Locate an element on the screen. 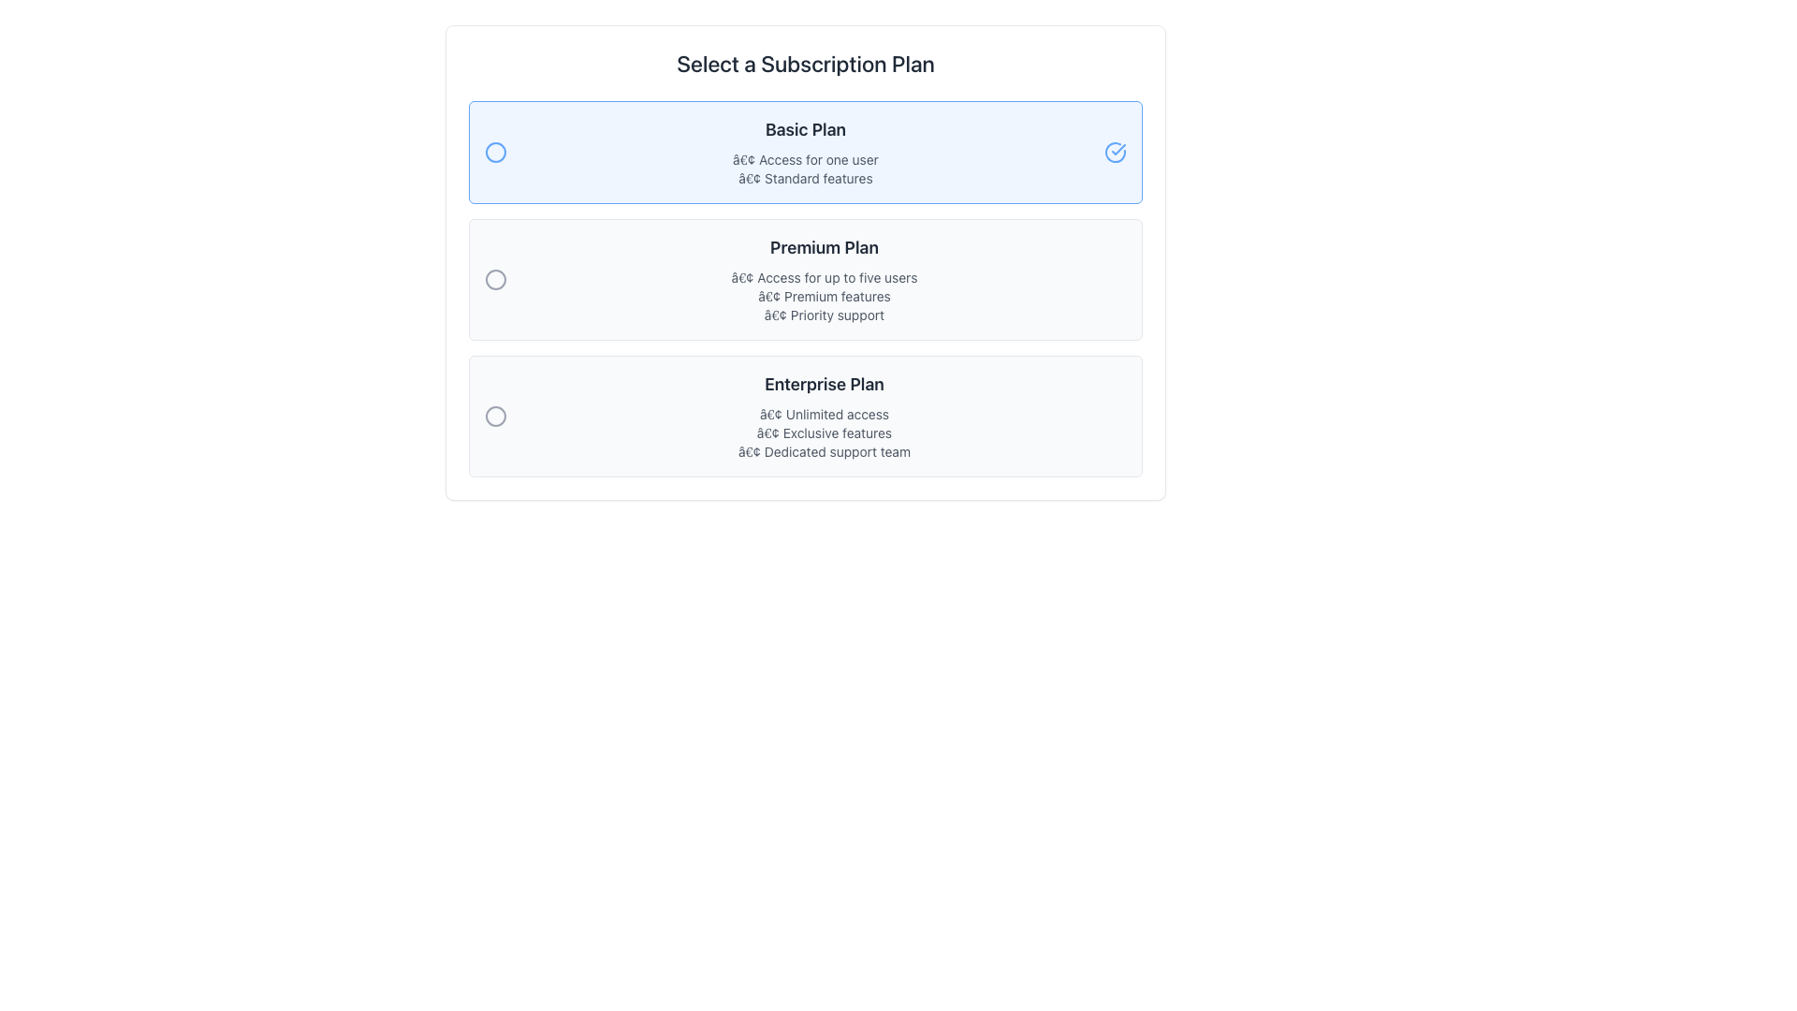 Image resolution: width=1797 pixels, height=1011 pixels. the second selectable subscription plan located in the grid layout under the title 'Select a Subscription Plan.' is located at coordinates (805, 288).